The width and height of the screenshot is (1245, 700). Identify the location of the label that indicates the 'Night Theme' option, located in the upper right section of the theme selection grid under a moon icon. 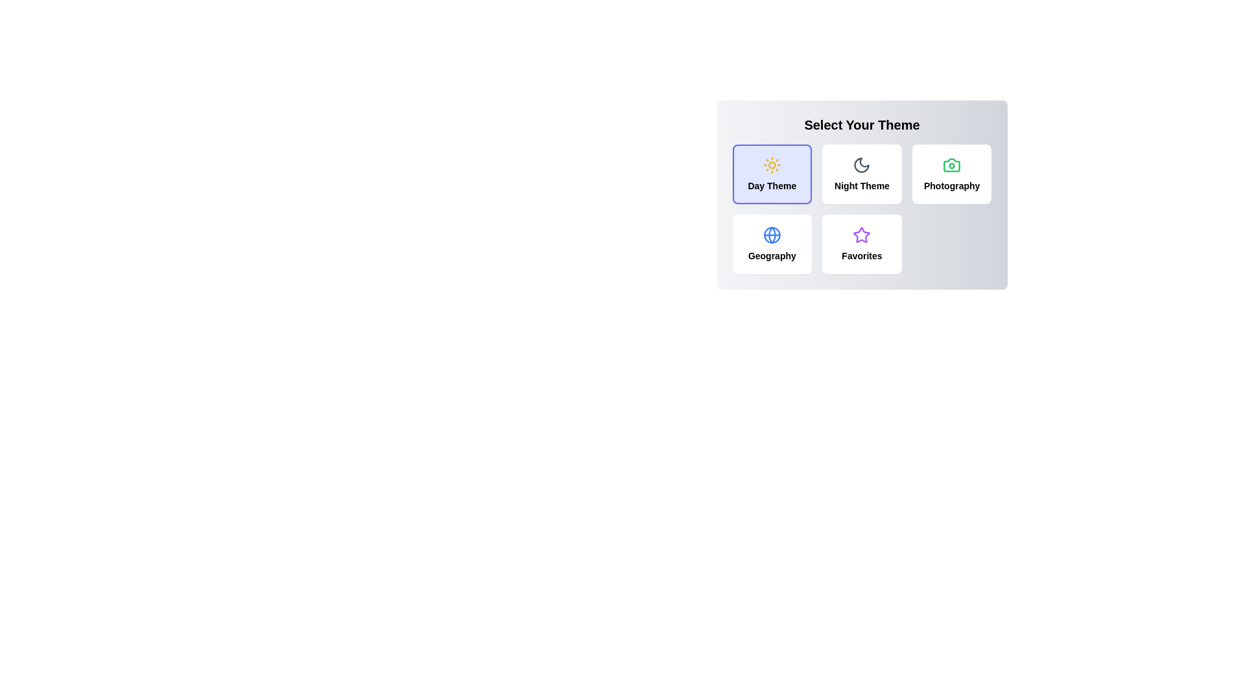
(862, 185).